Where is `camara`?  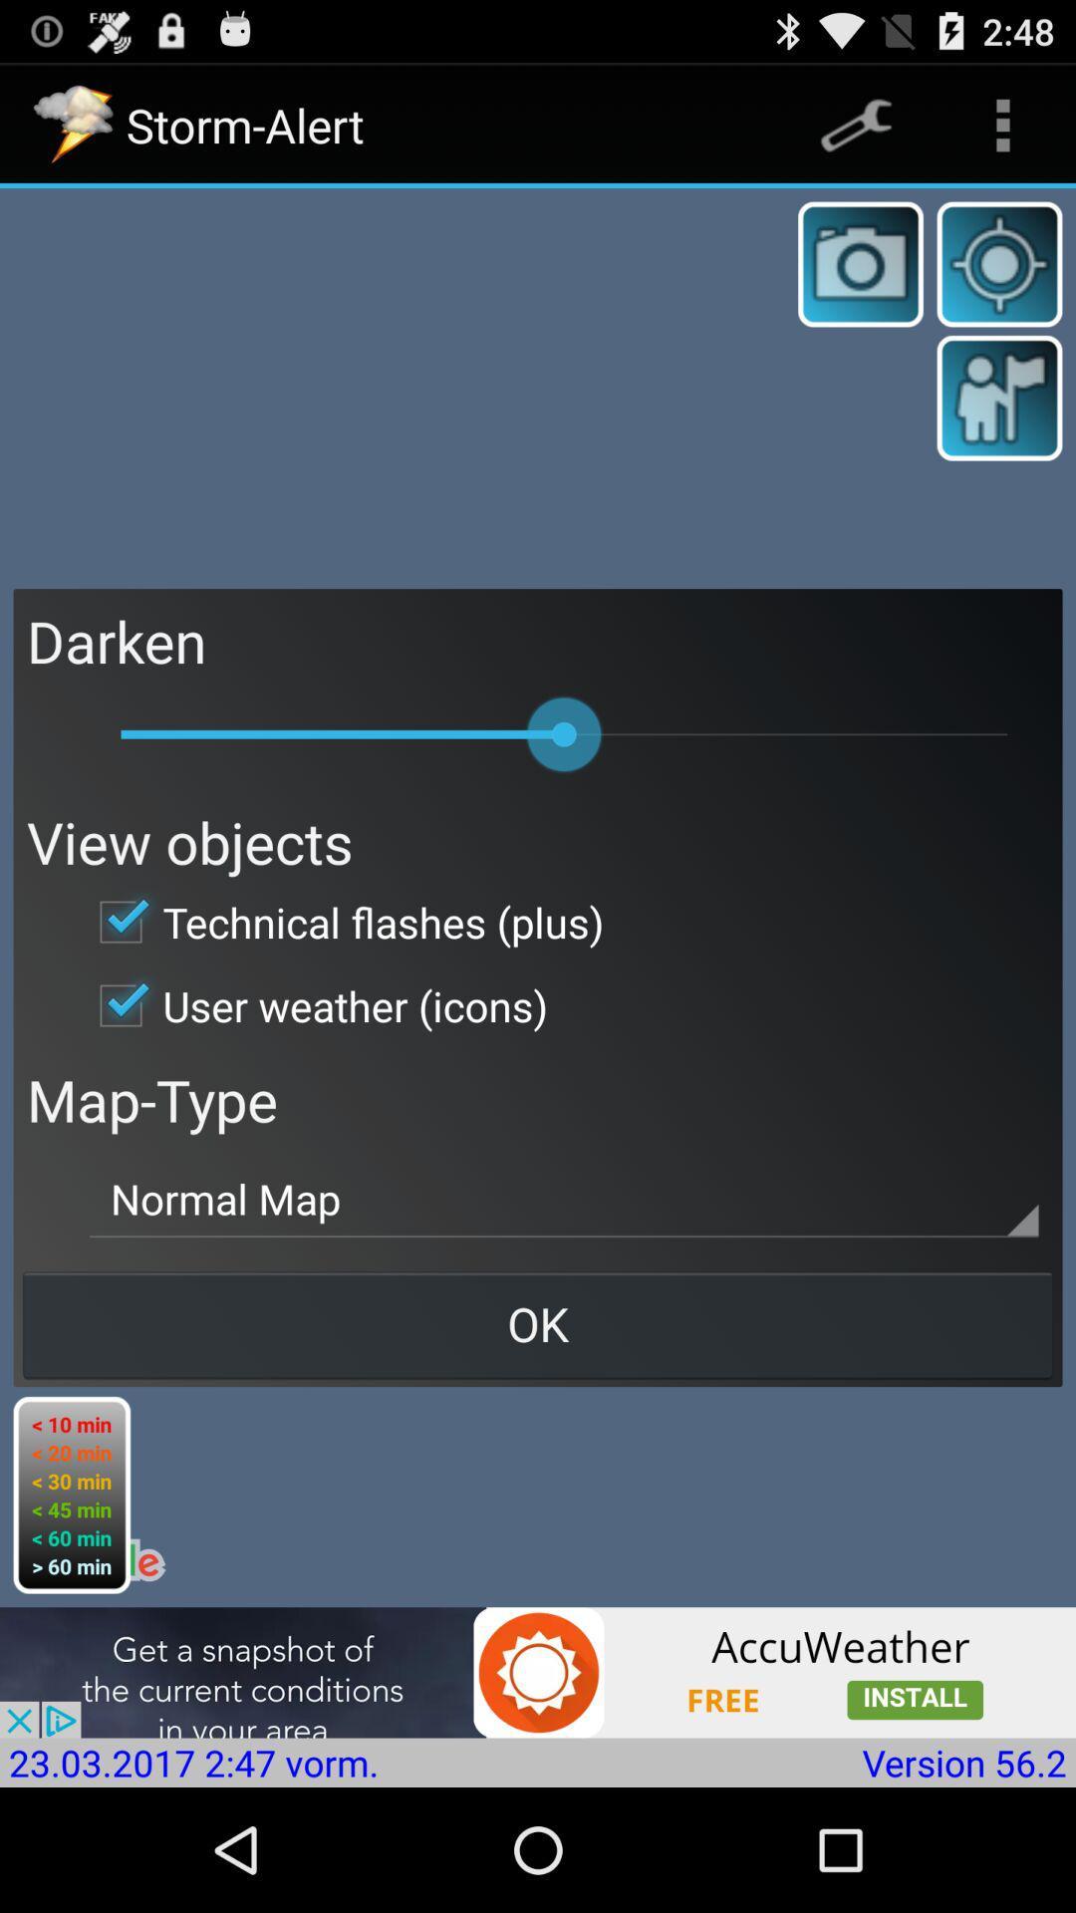 camara is located at coordinates (860, 263).